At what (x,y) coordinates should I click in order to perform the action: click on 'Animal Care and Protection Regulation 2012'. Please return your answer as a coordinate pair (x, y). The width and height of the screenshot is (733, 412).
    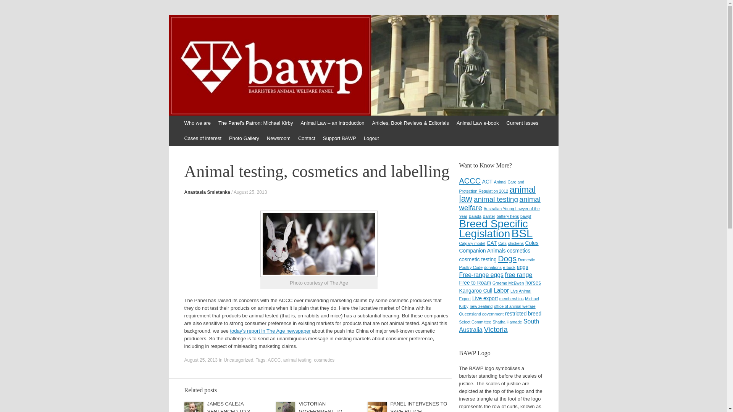
    Looking at the image, I should click on (491, 187).